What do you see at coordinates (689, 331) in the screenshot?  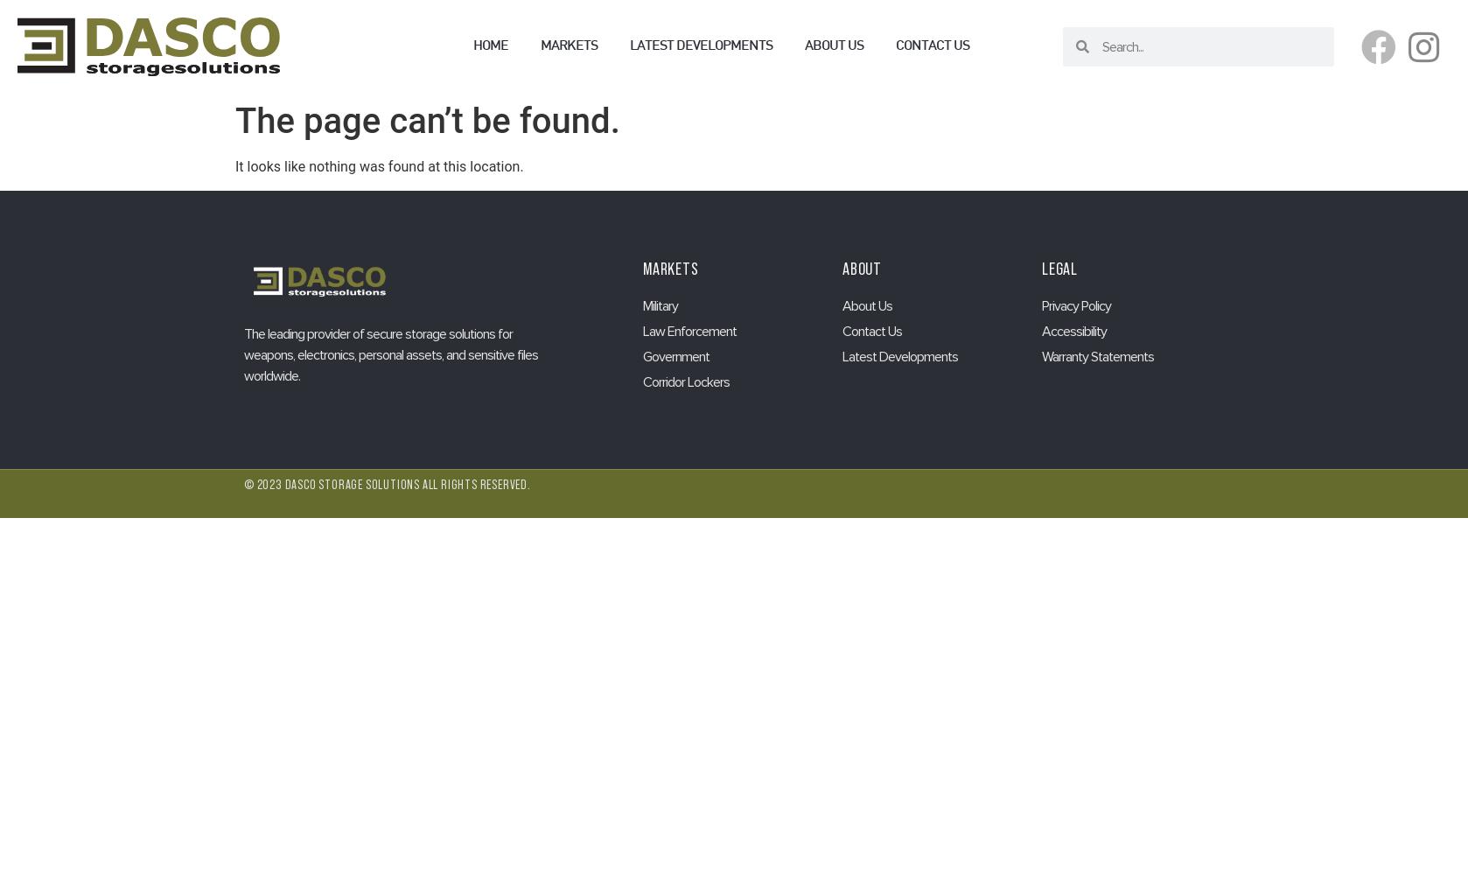 I see `'Law Enforcement'` at bounding box center [689, 331].